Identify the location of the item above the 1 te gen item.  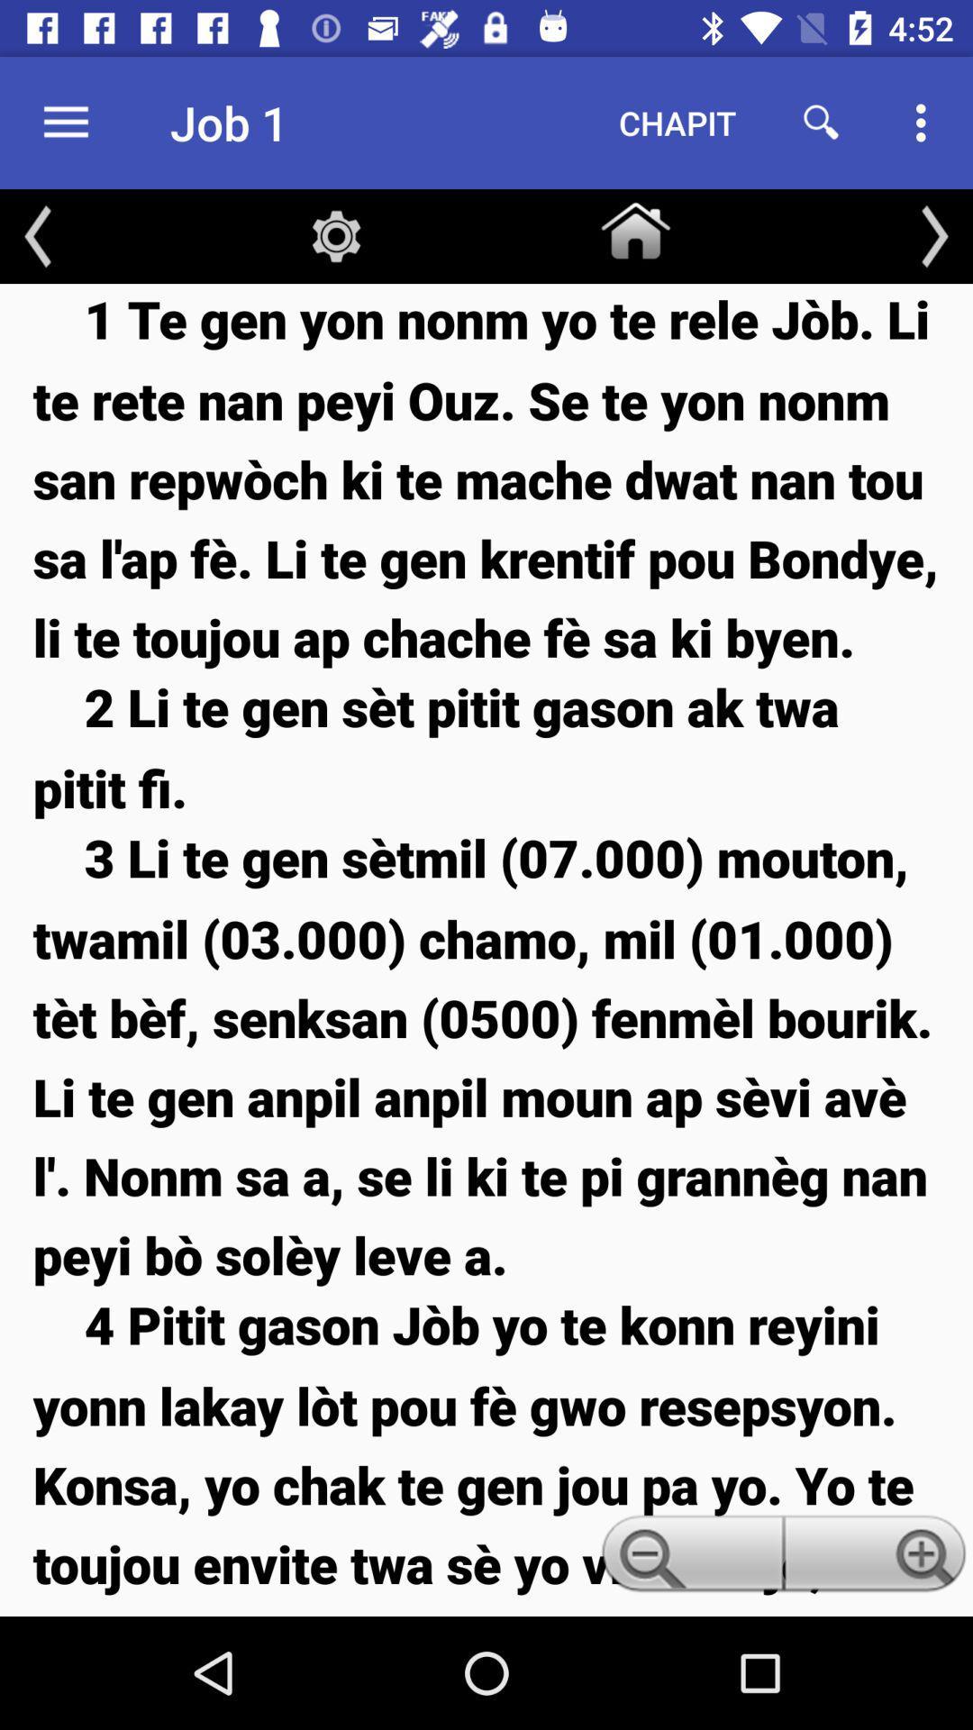
(38, 235).